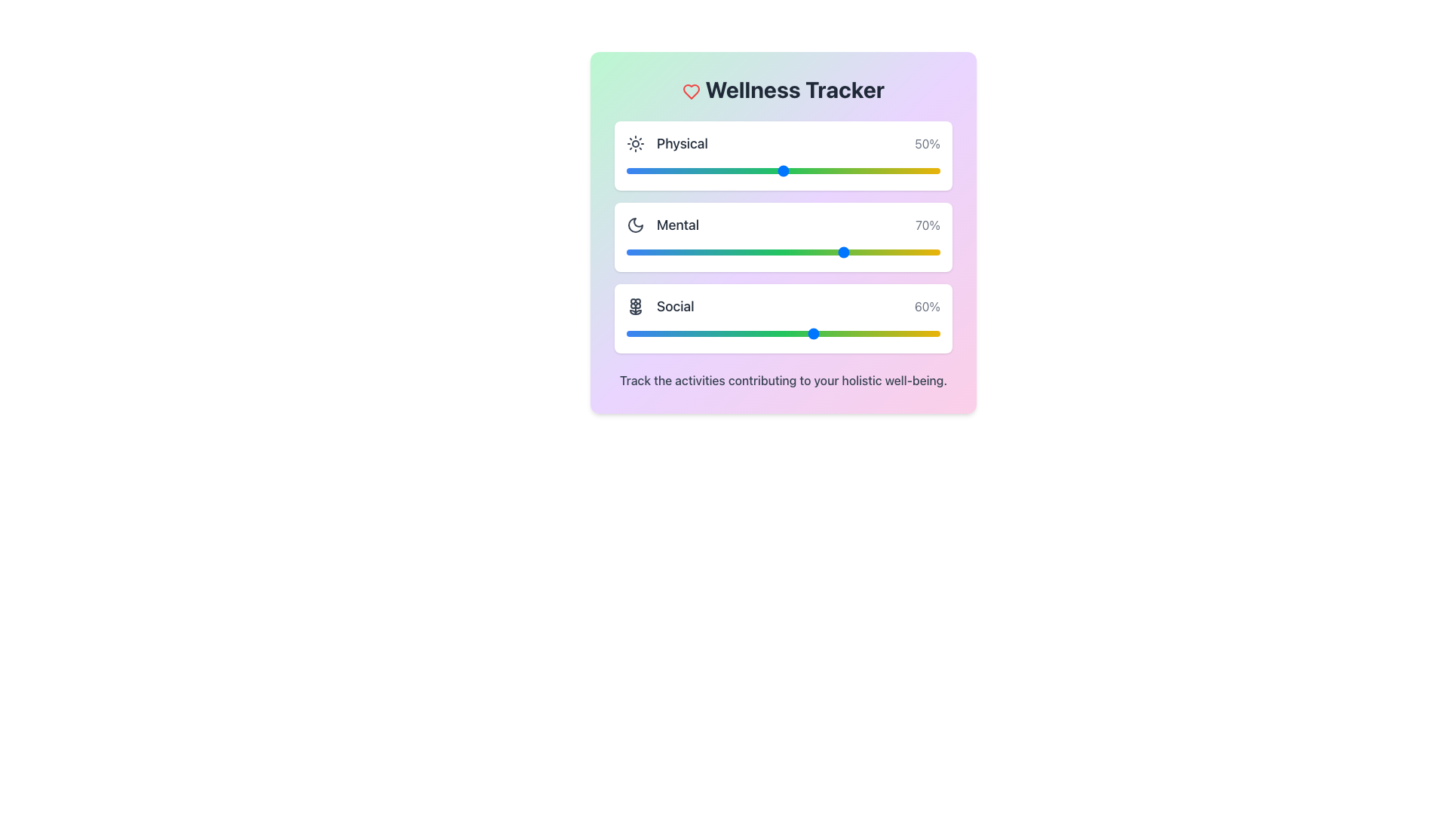  Describe the element at coordinates (774, 252) in the screenshot. I see `the slider` at that location.